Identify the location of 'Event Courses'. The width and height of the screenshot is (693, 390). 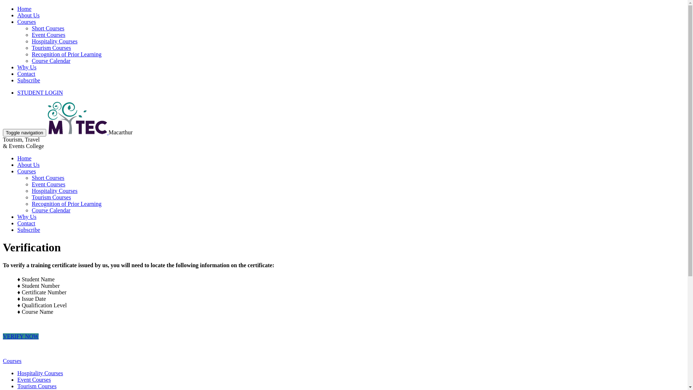
(48, 35).